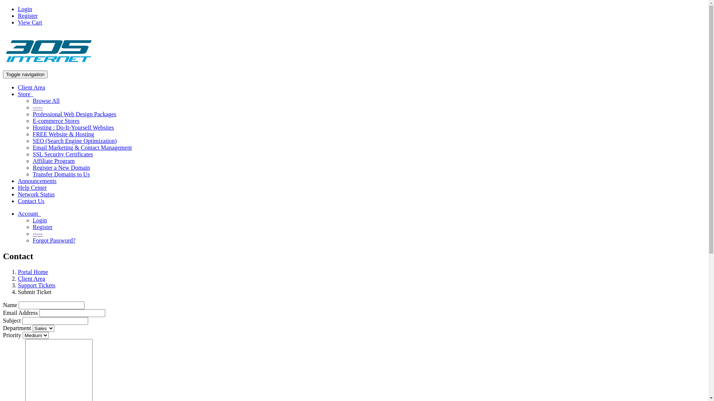 The image size is (714, 401). What do you see at coordinates (46, 101) in the screenshot?
I see `'Browse All'` at bounding box center [46, 101].